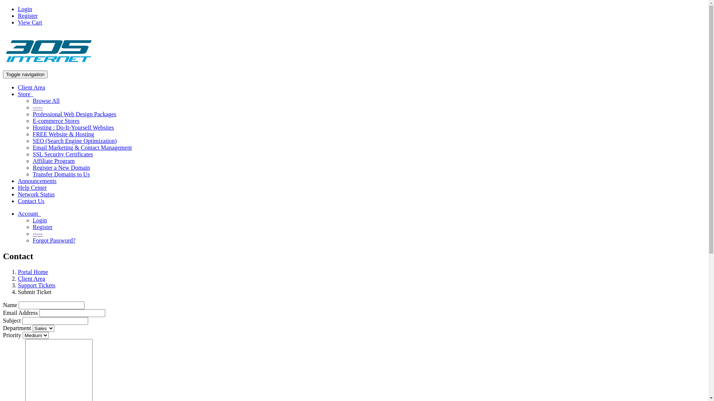 The image size is (714, 401). What do you see at coordinates (46, 101) in the screenshot?
I see `'Browse All'` at bounding box center [46, 101].